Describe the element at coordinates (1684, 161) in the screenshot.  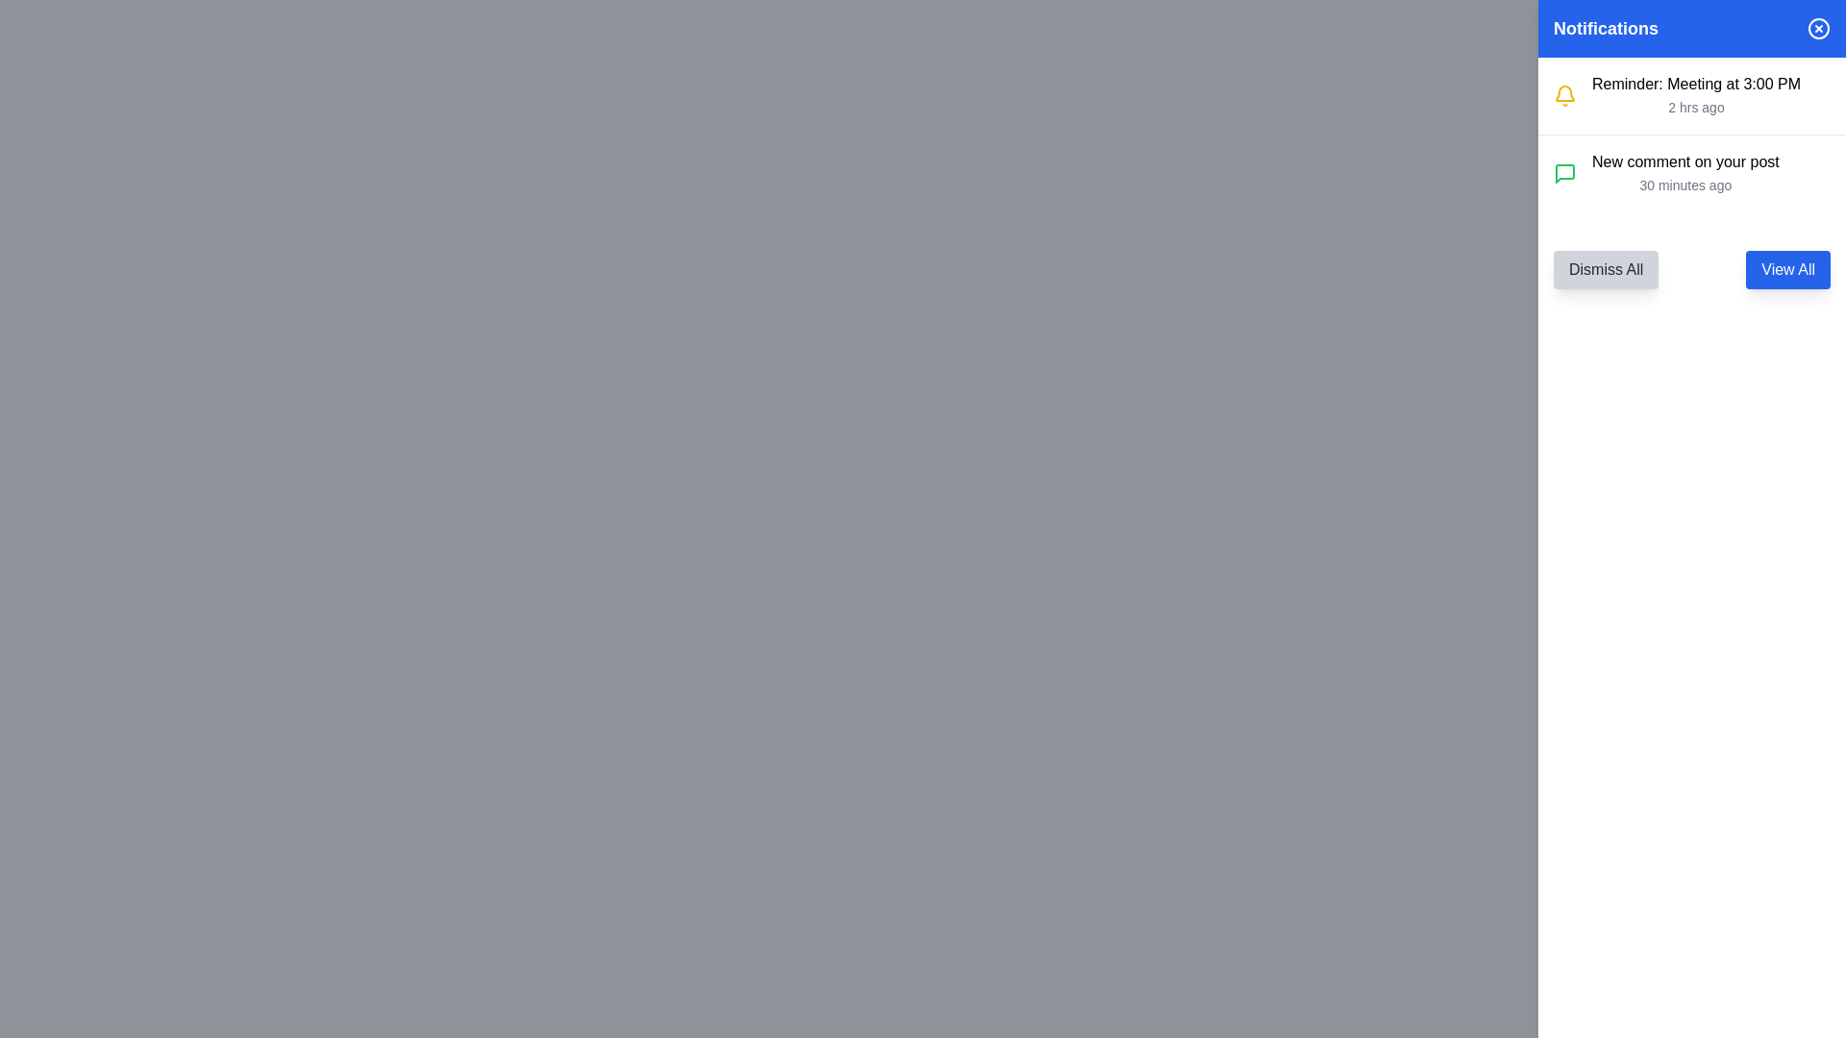
I see `the text element that reads 'New comment on your post'` at that location.